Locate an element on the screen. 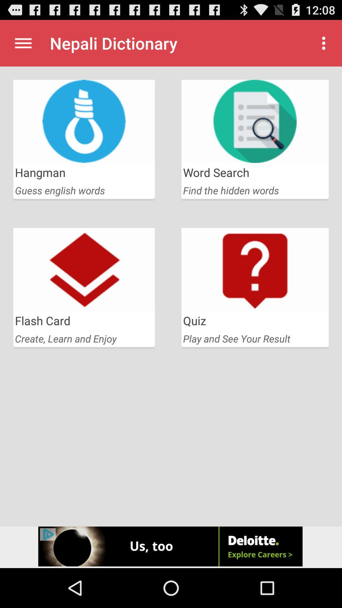  advertisement is located at coordinates (171, 547).